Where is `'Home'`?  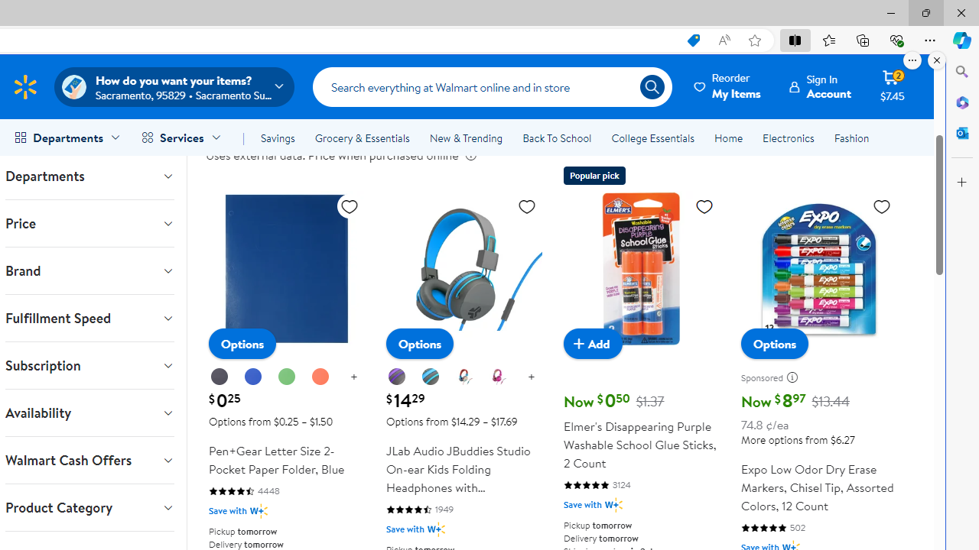 'Home' is located at coordinates (727, 138).